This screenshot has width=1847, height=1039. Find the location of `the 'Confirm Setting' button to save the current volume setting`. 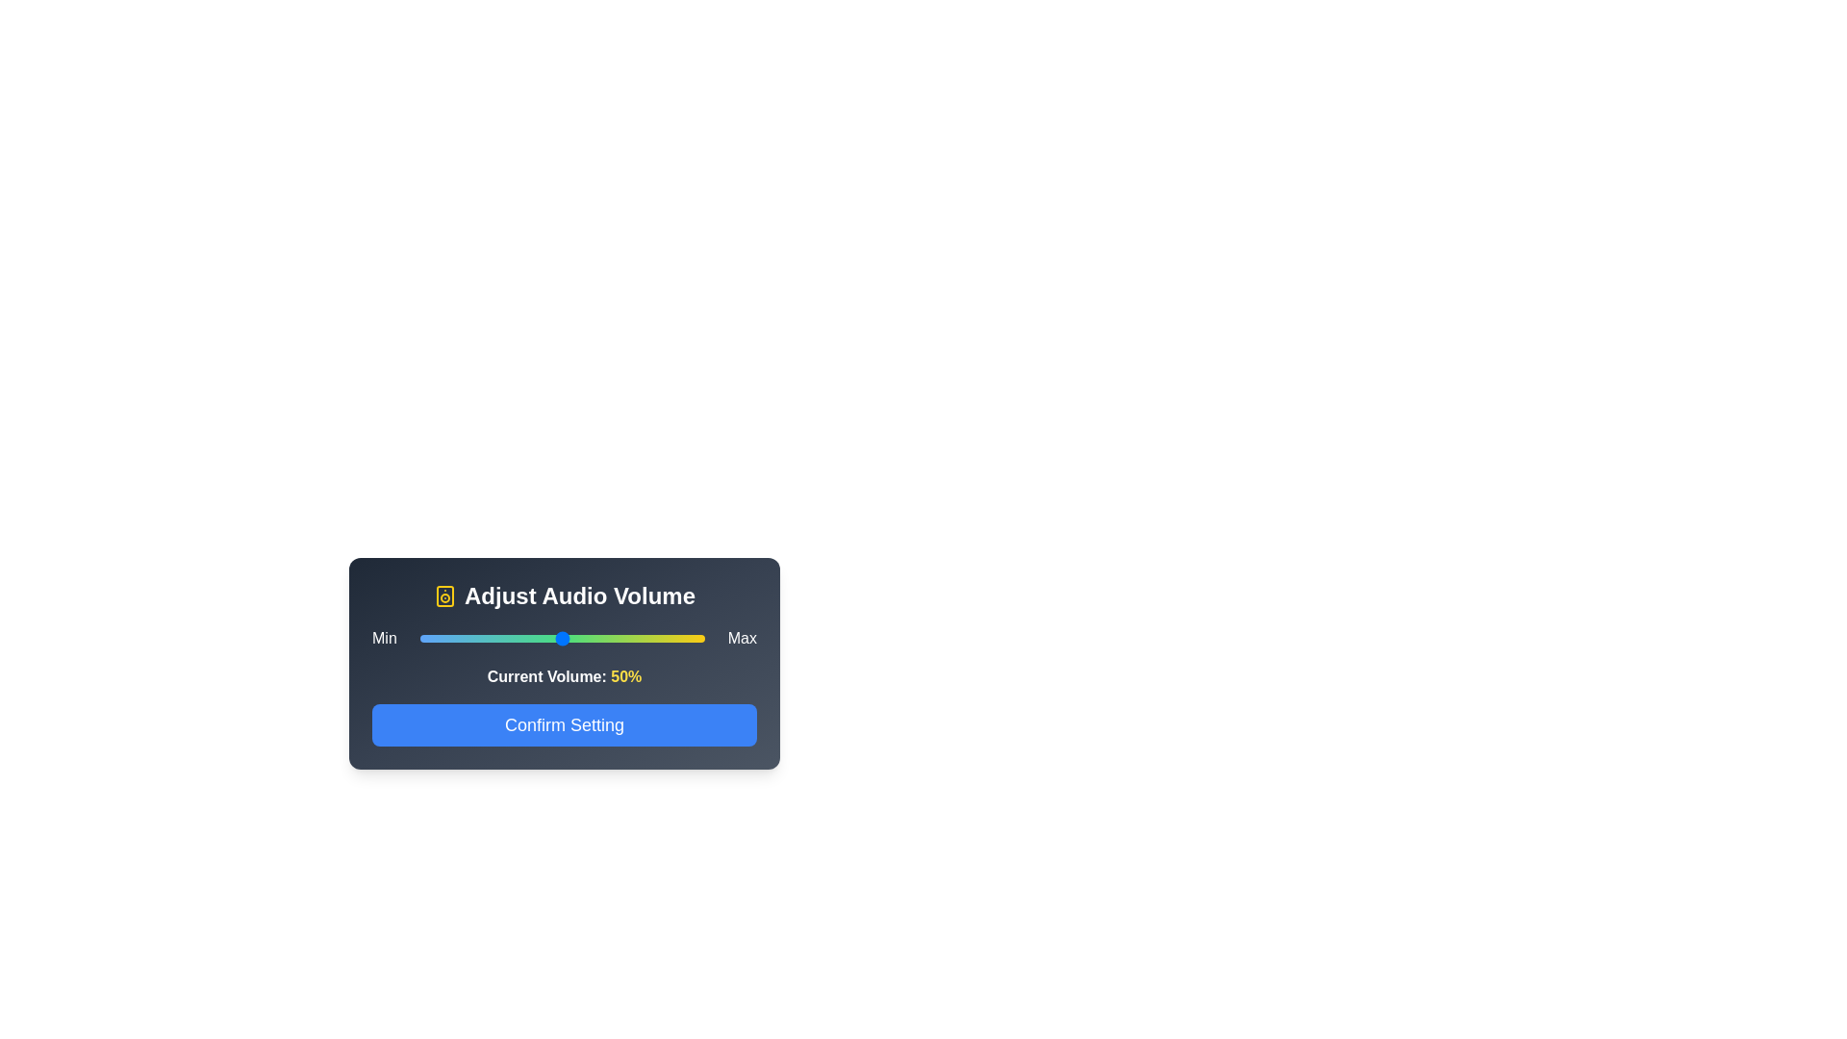

the 'Confirm Setting' button to save the current volume setting is located at coordinates (563, 724).